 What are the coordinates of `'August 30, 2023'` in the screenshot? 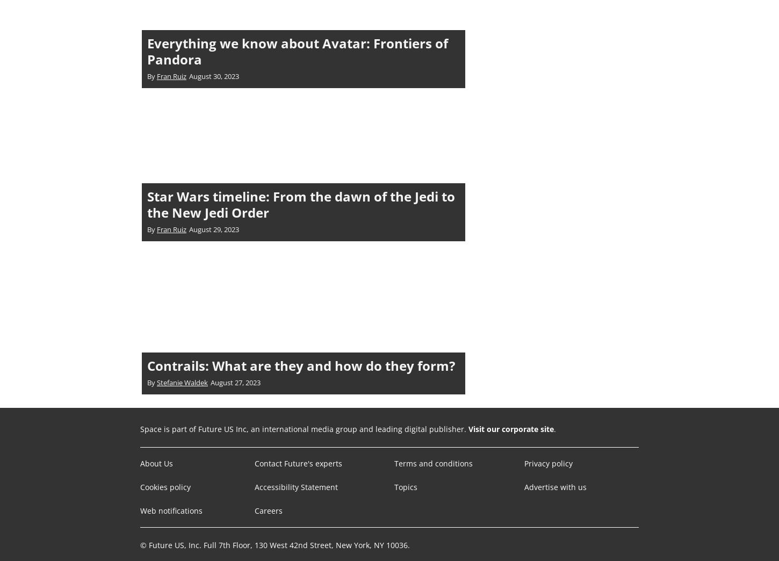 It's located at (189, 75).